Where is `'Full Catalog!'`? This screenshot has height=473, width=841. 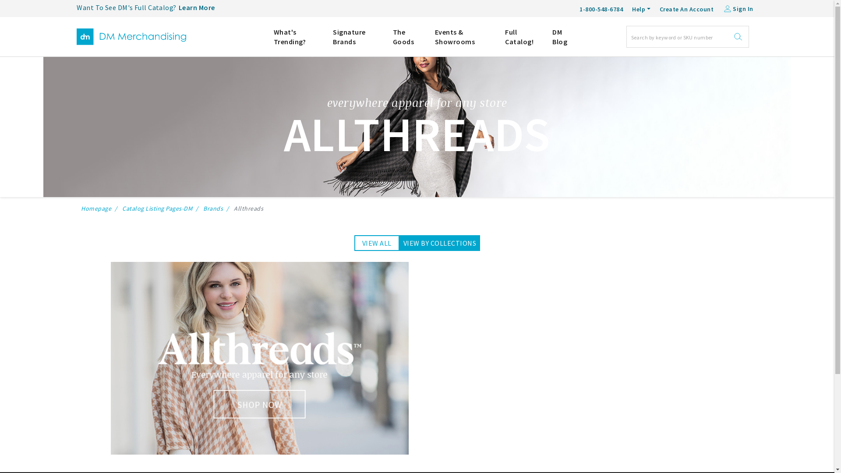
'Full Catalog!' is located at coordinates (522, 36).